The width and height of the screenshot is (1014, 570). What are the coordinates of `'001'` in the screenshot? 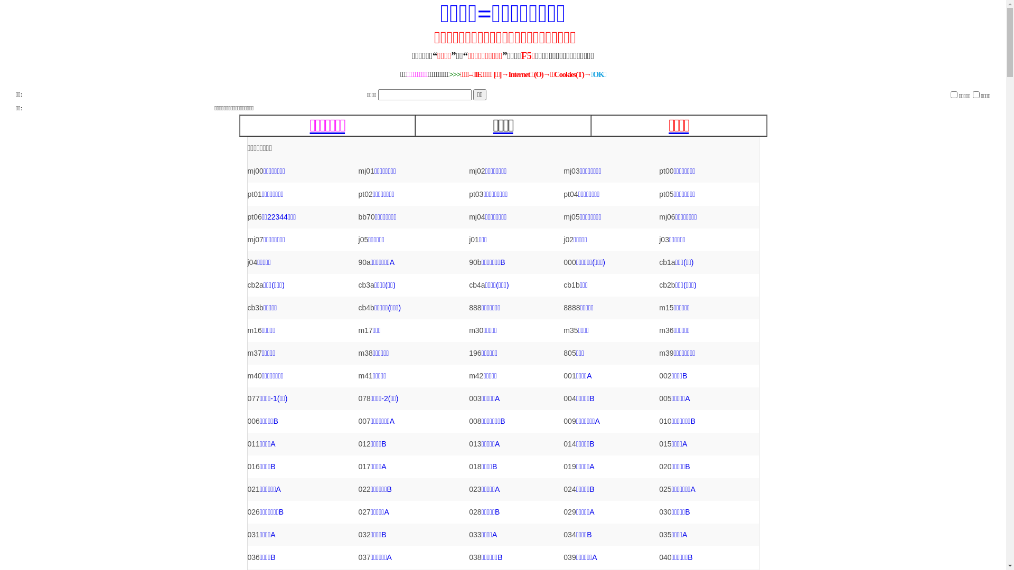 It's located at (569, 375).